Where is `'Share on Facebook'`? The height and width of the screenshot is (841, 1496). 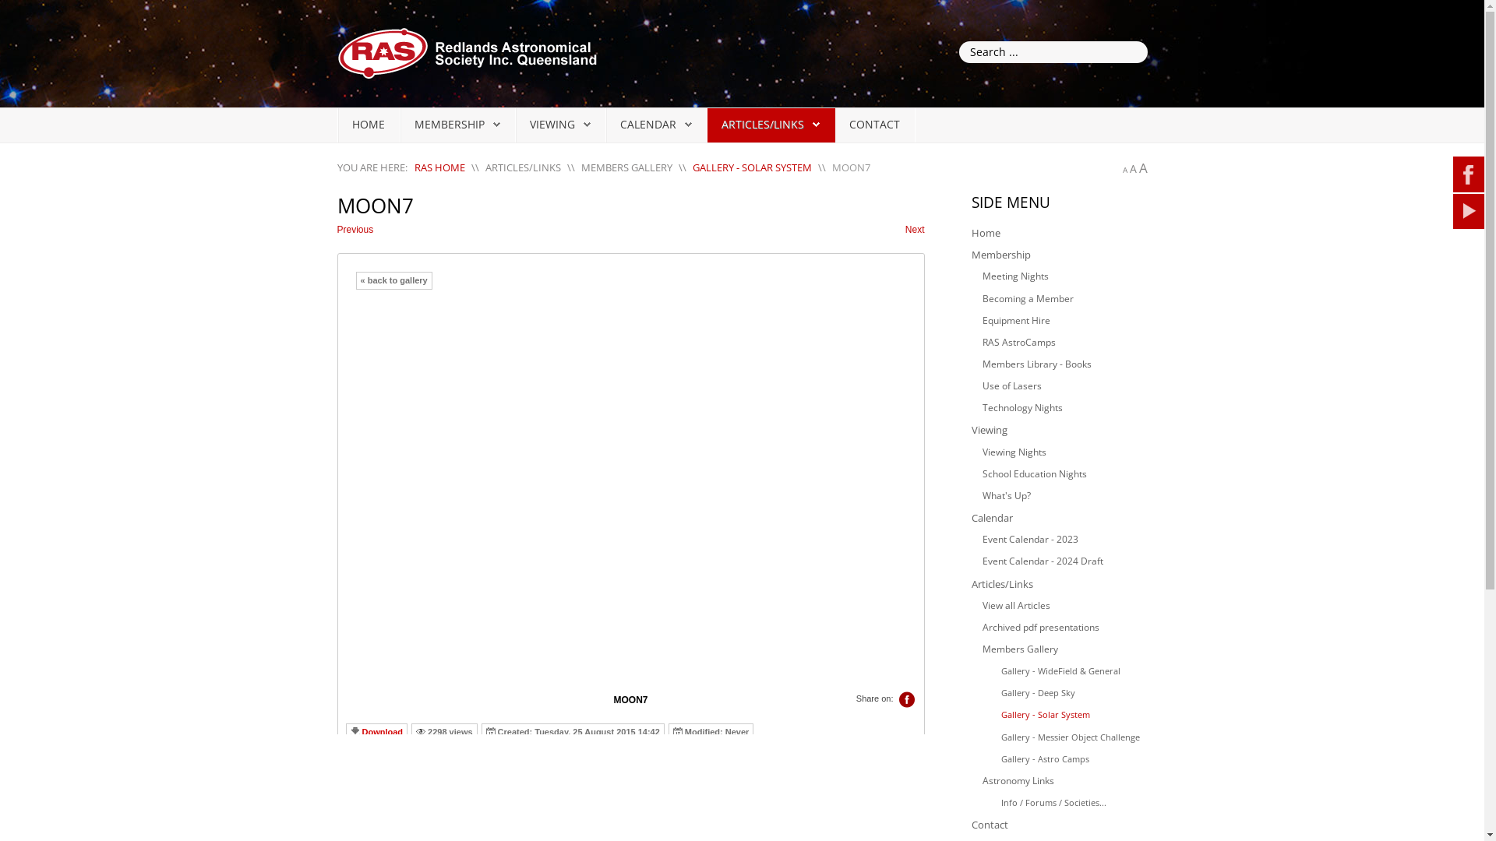
'Share on Facebook' is located at coordinates (906, 698).